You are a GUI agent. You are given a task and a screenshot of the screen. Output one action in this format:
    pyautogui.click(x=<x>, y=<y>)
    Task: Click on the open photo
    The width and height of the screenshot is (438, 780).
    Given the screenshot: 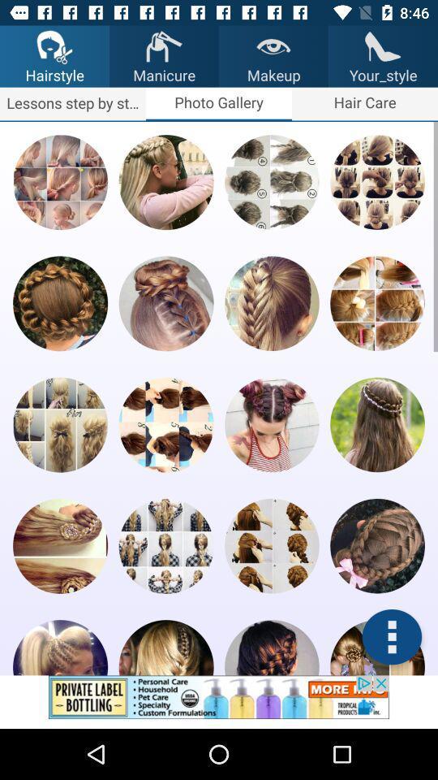 What is the action you would take?
    pyautogui.click(x=165, y=302)
    